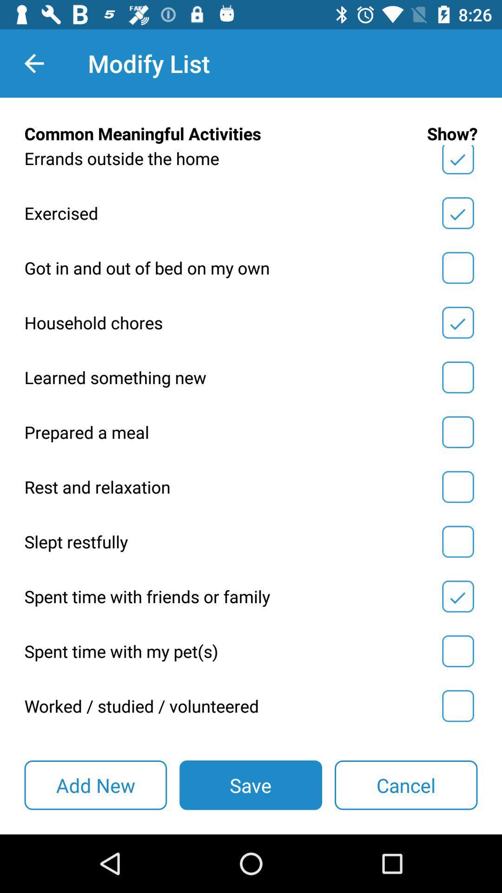  Describe the element at coordinates (457, 161) in the screenshot. I see `check or uncheck box for errands outside the home` at that location.